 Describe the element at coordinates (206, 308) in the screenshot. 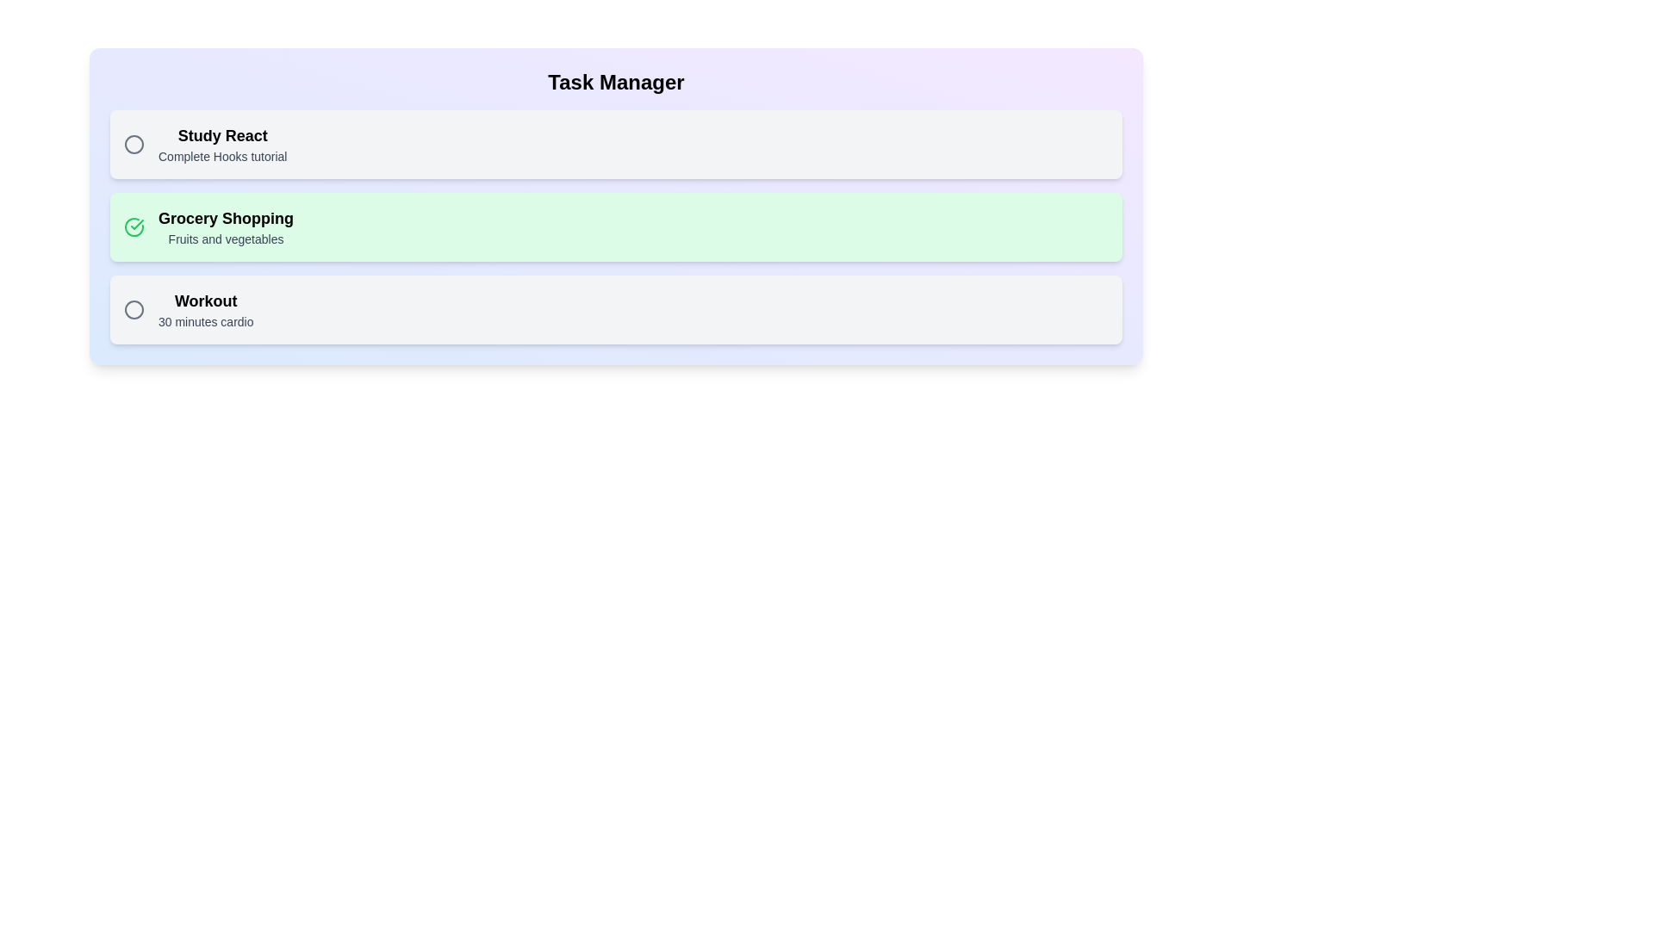

I see `the third task item in the 'Task Manager' section` at that location.